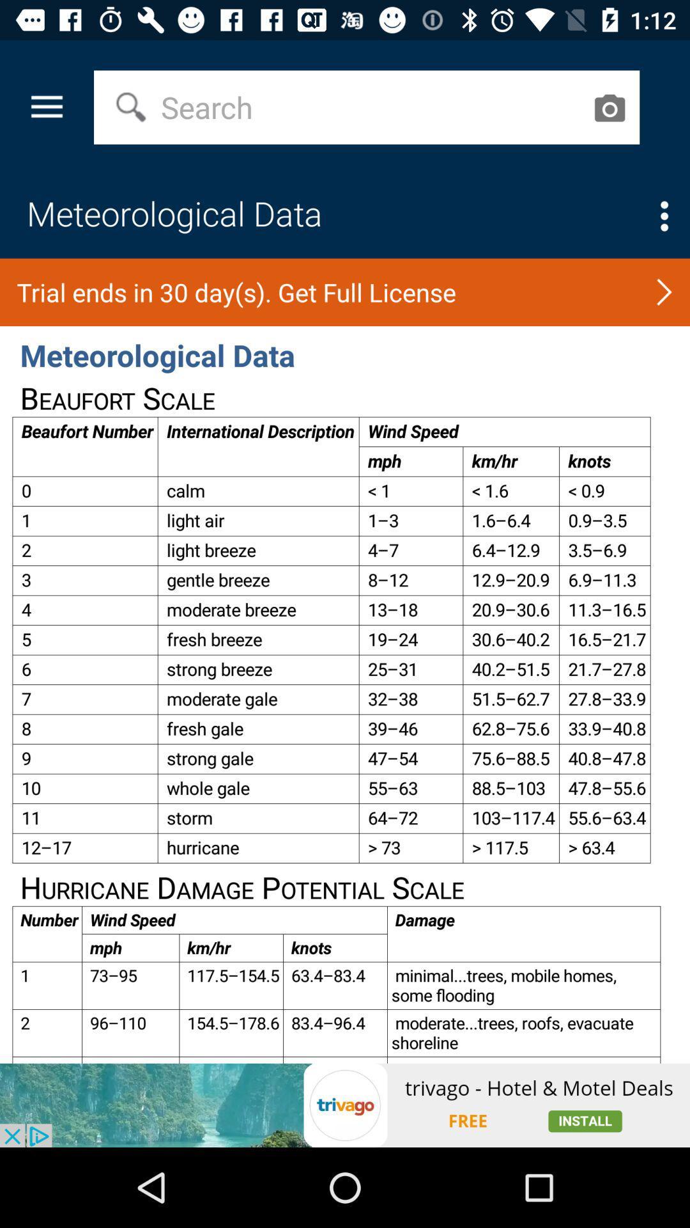 The width and height of the screenshot is (690, 1228). I want to click on opens a advertisement, so click(345, 1105).